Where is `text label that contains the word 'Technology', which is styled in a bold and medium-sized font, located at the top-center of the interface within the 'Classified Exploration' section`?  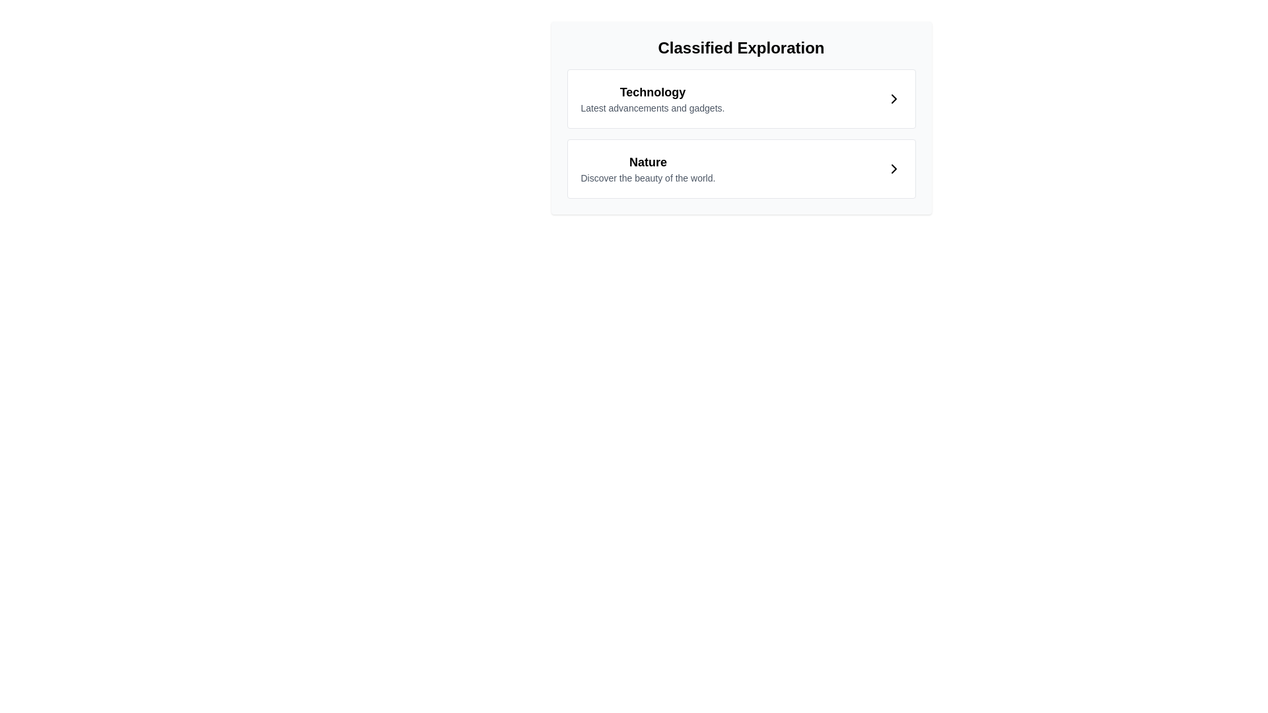 text label that contains the word 'Technology', which is styled in a bold and medium-sized font, located at the top-center of the interface within the 'Classified Exploration' section is located at coordinates (652, 91).